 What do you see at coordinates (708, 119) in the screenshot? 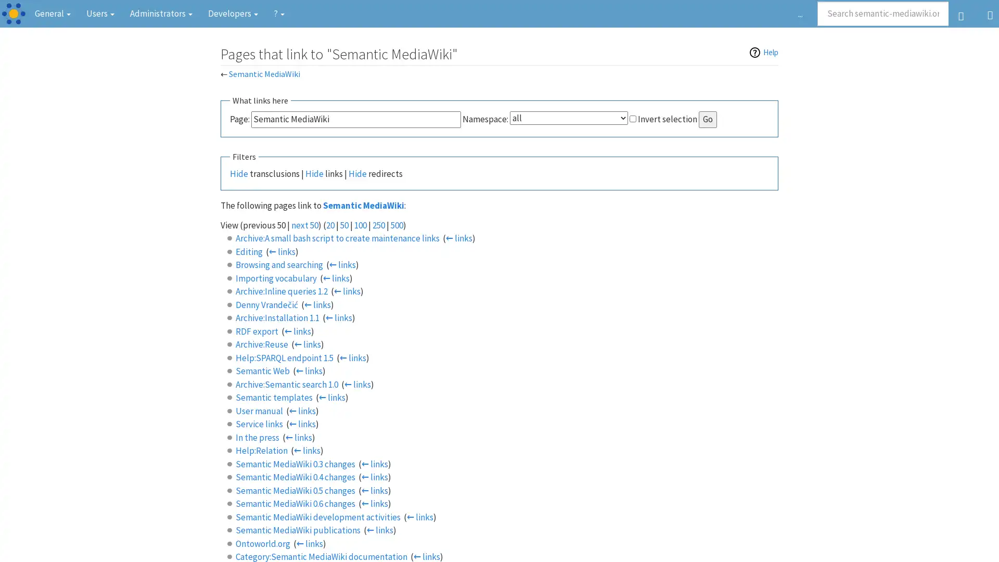
I see `Go` at bounding box center [708, 119].